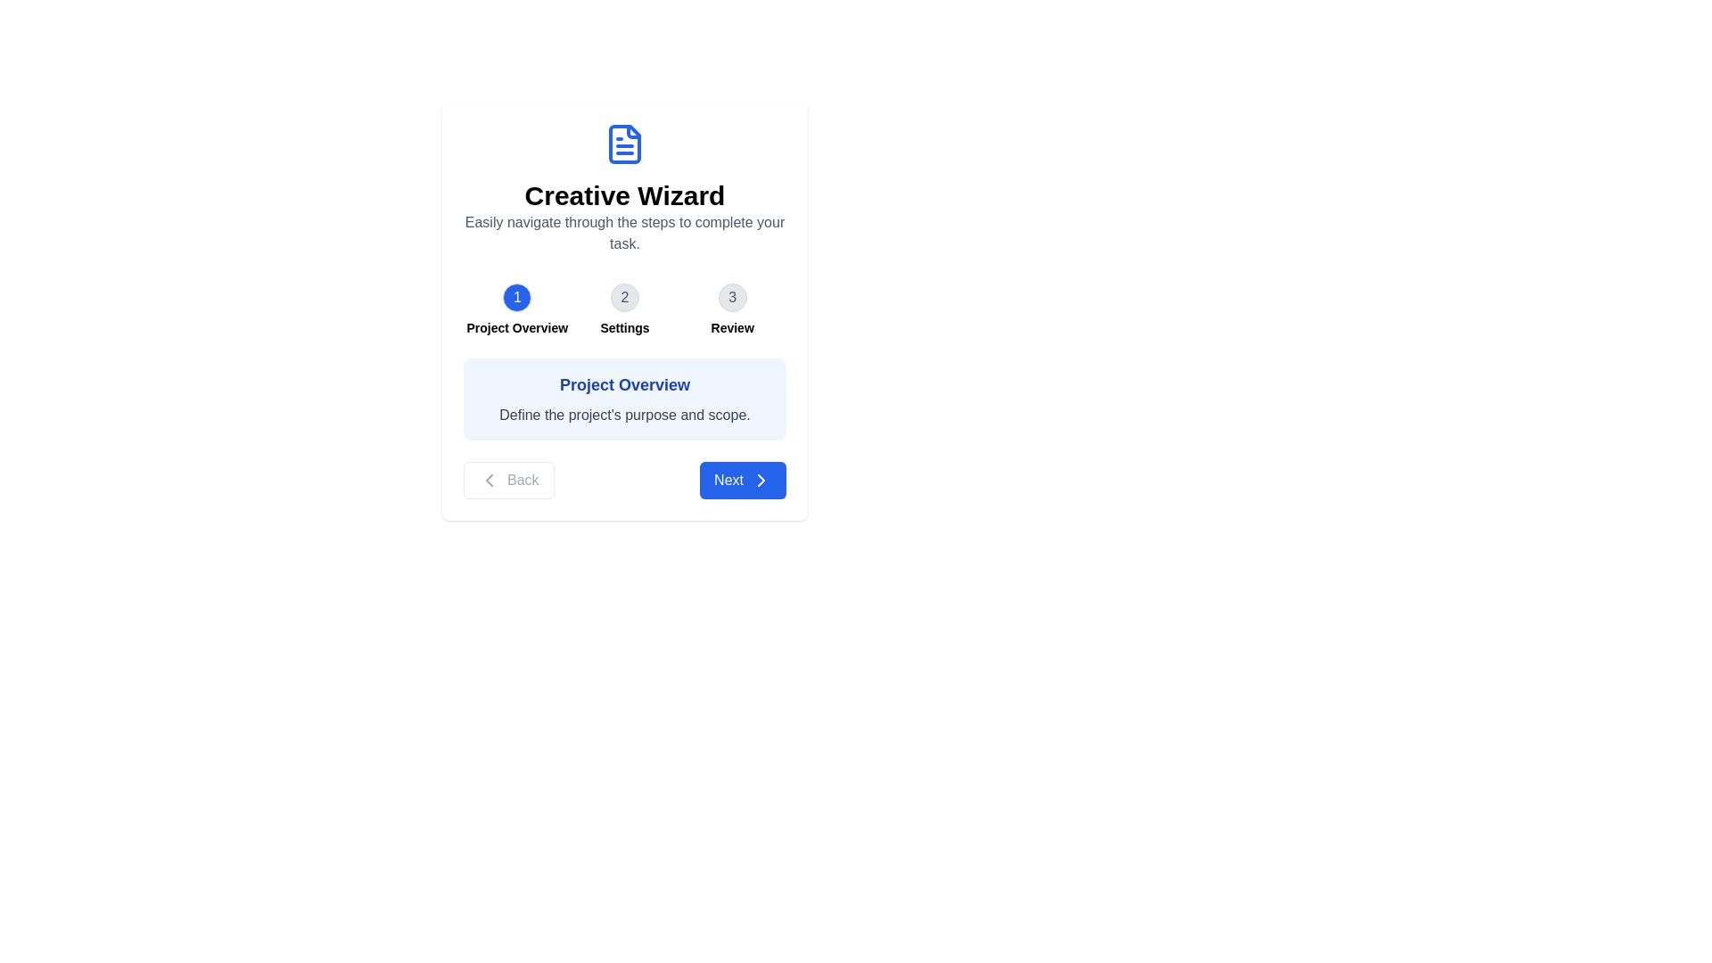 The image size is (1712, 963). I want to click on the 'Back' button located at the bottom left of the 'Creative Wizard' interface, so click(507, 480).